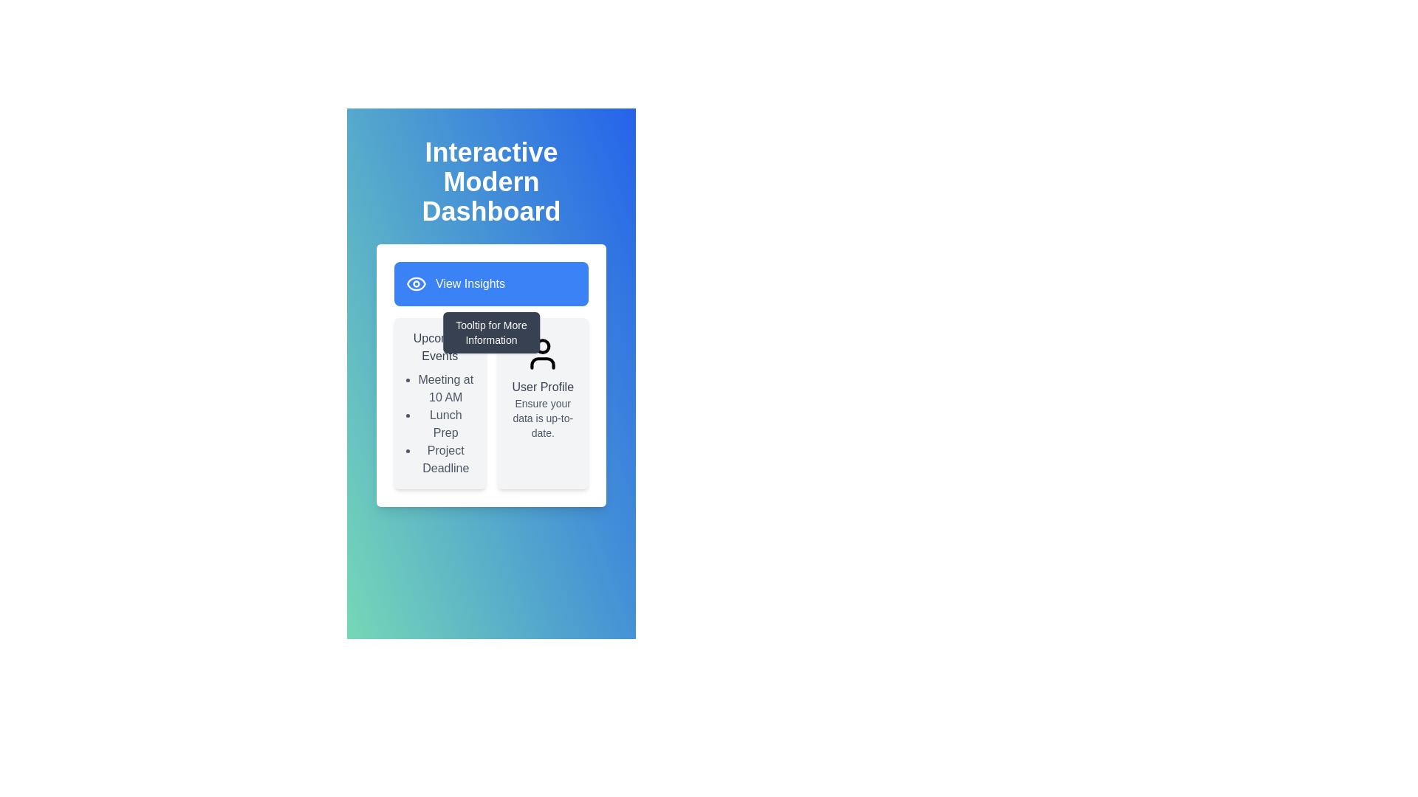  Describe the element at coordinates (445, 388) in the screenshot. I see `the static text displaying 'Meeting at 10 AM' located under the 'Upcoming Events' section` at that location.